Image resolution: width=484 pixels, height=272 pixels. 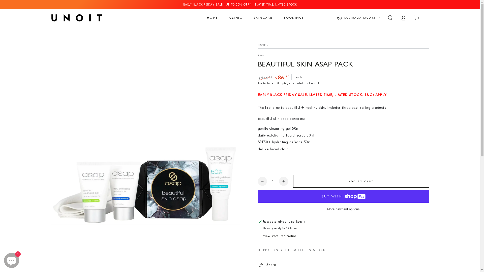 What do you see at coordinates (261, 55) in the screenshot?
I see `'ASAP'` at bounding box center [261, 55].